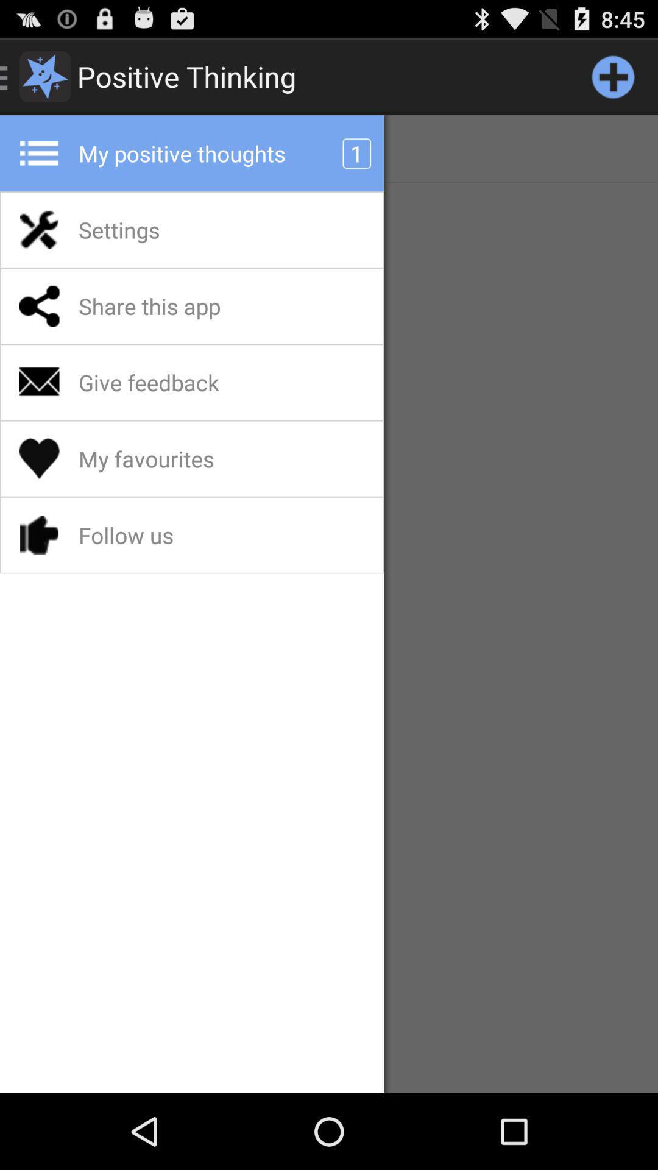  I want to click on the settings icon, so click(150, 230).